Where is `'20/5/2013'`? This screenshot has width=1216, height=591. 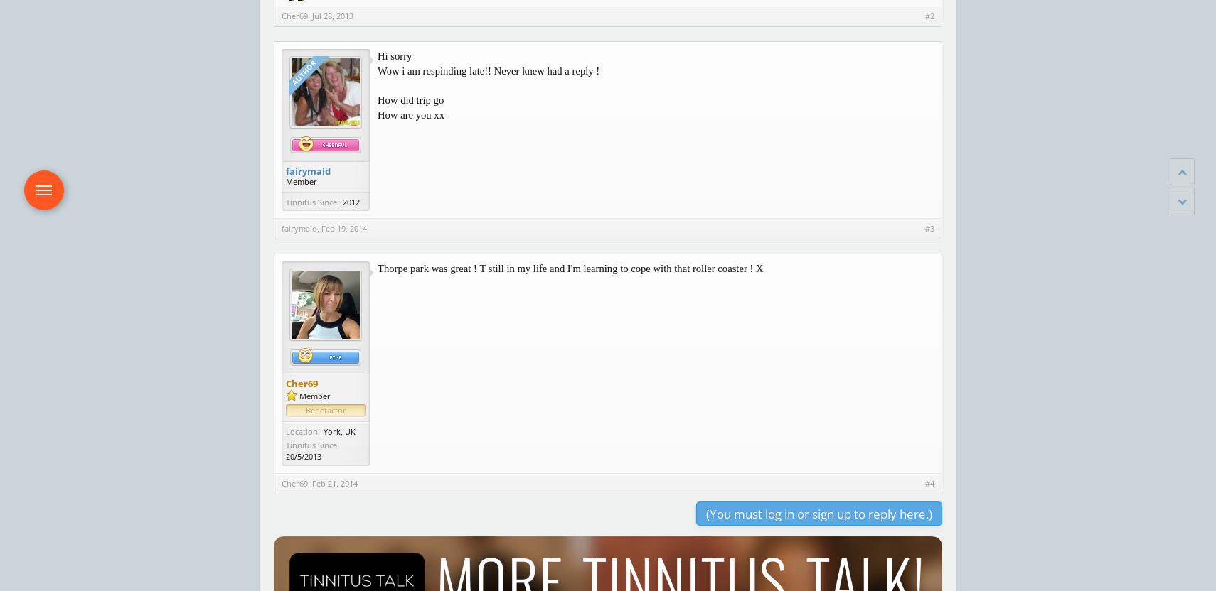 '20/5/2013' is located at coordinates (285, 456).